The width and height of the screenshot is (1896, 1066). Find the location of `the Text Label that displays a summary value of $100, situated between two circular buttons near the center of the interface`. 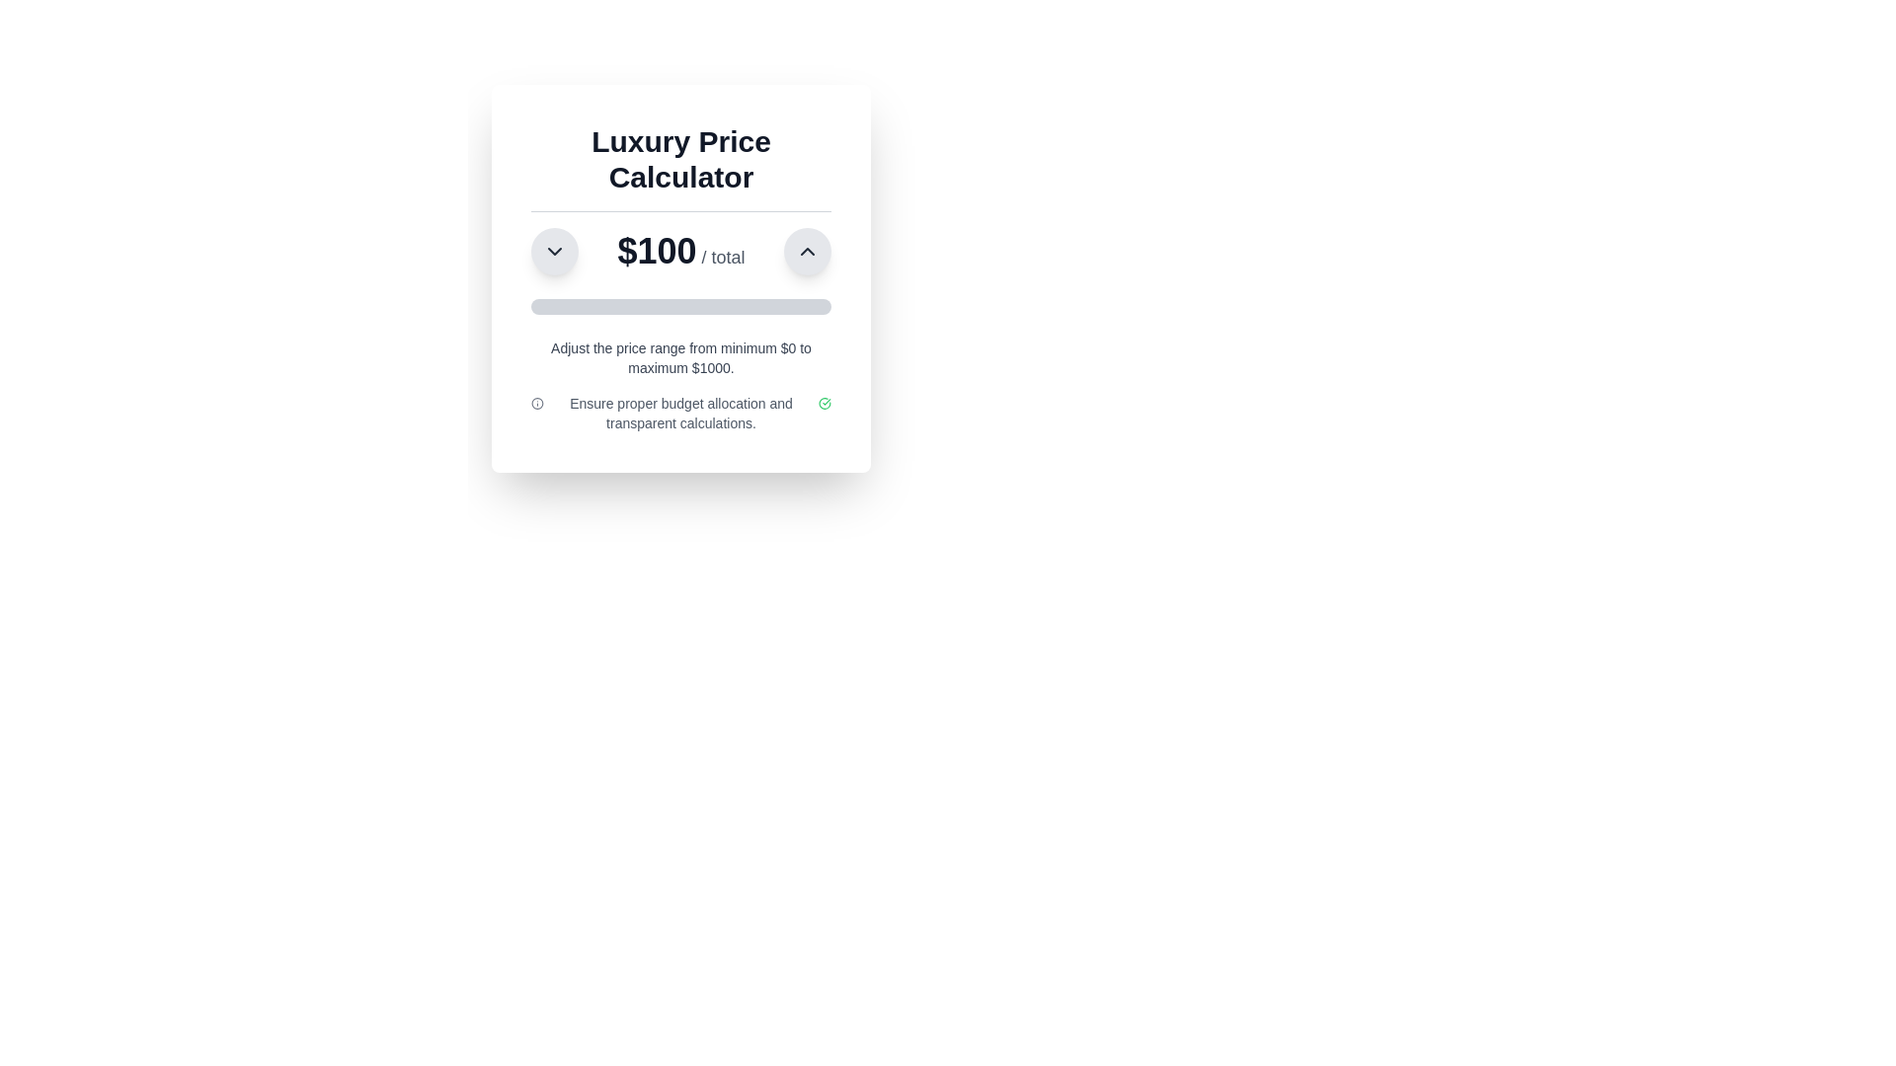

the Text Label that displays a summary value of $100, situated between two circular buttons near the center of the interface is located at coordinates (681, 250).